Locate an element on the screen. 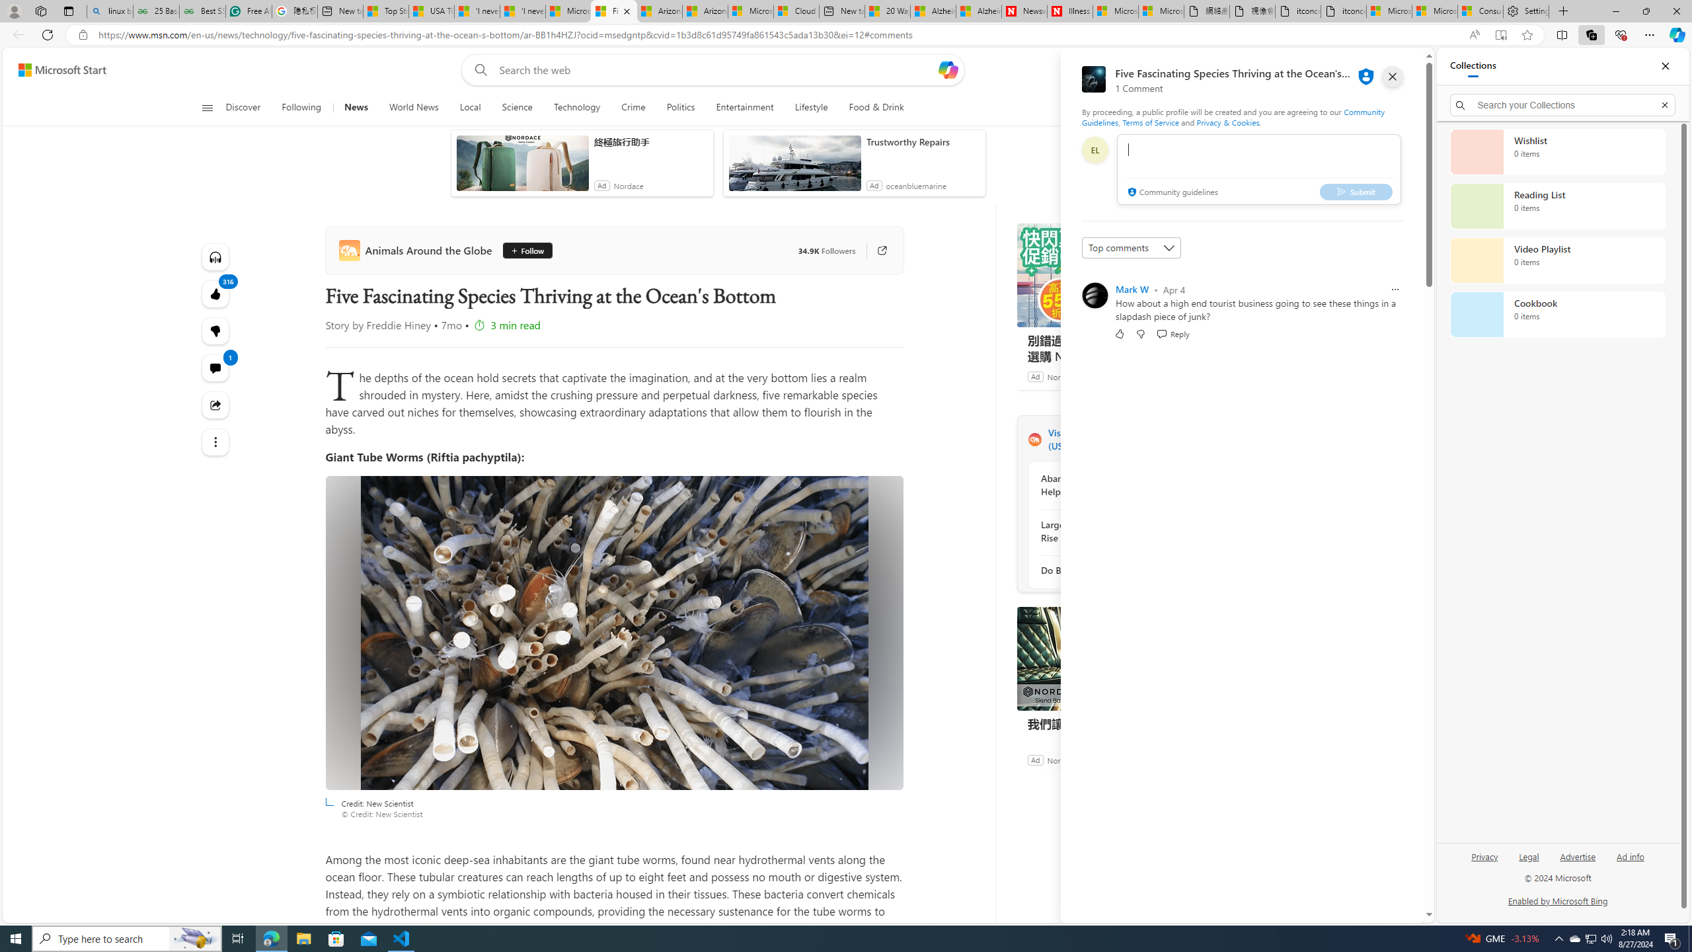  'Privacy' is located at coordinates (1484, 861).